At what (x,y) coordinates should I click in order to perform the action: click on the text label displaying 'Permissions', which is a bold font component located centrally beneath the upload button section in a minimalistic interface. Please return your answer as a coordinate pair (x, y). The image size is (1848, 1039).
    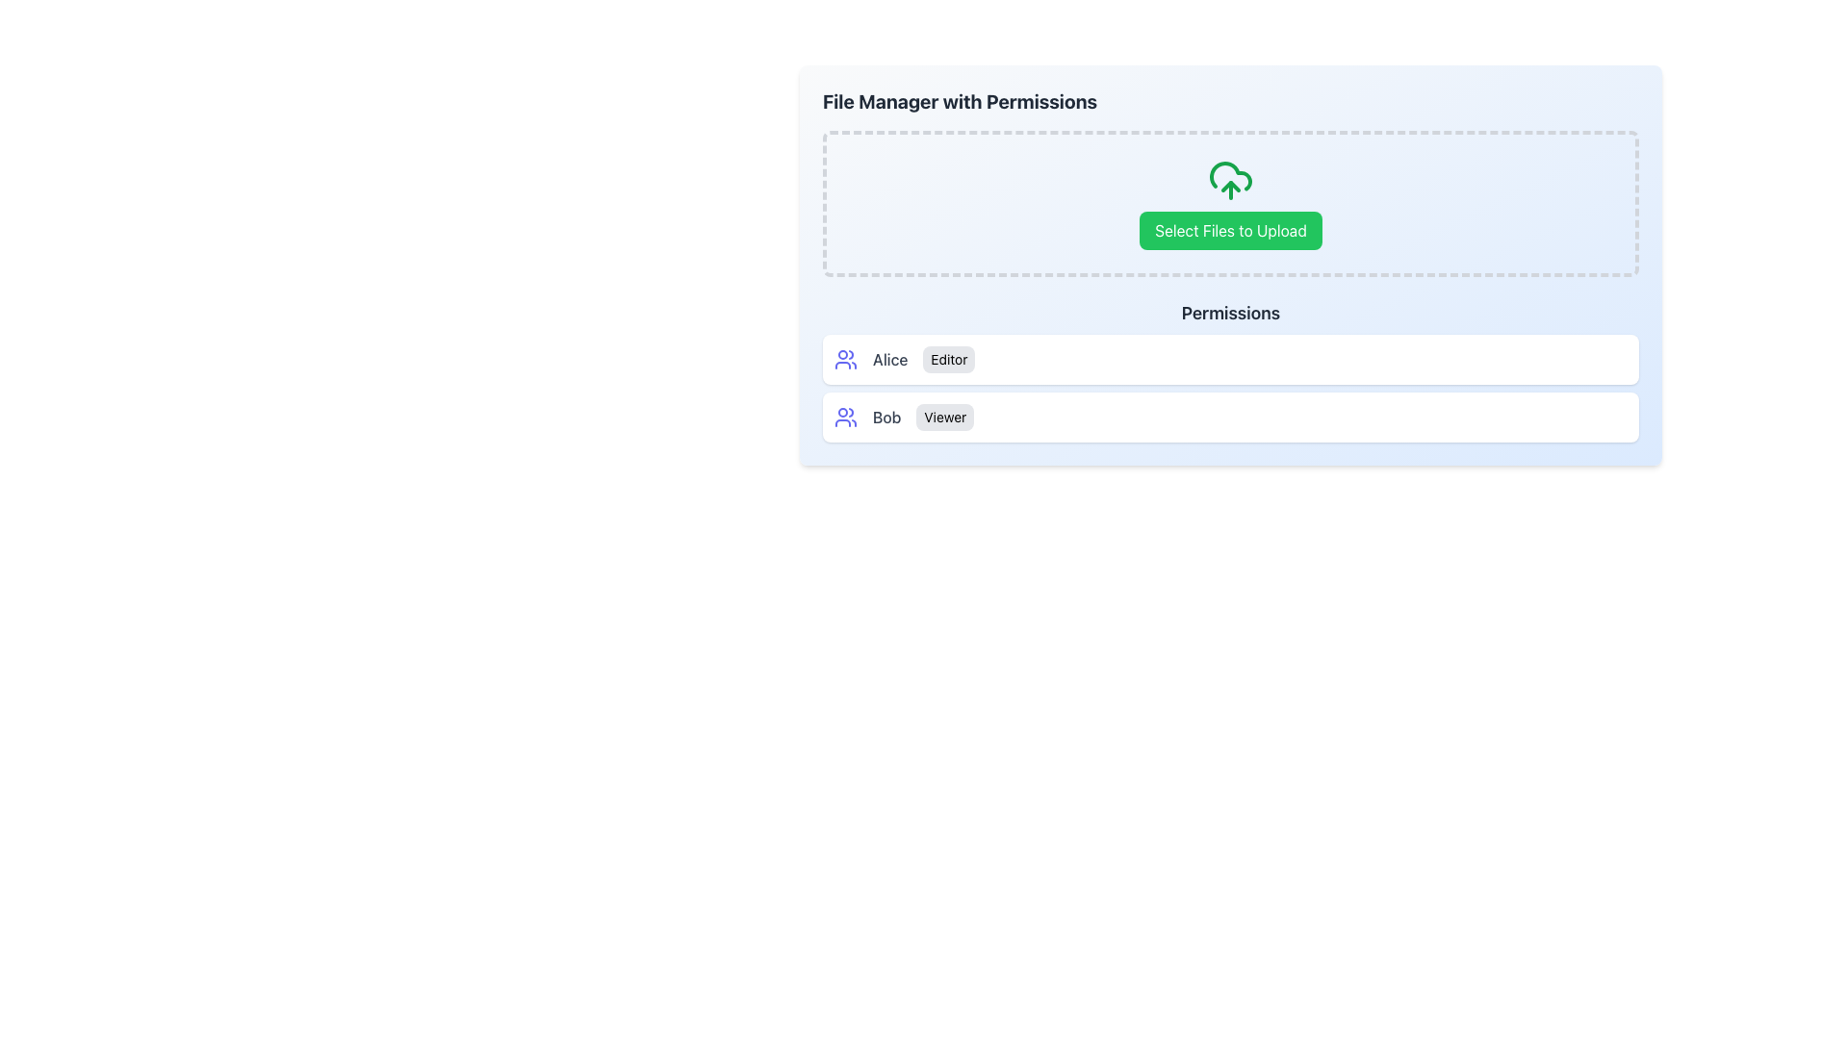
    Looking at the image, I should click on (1229, 313).